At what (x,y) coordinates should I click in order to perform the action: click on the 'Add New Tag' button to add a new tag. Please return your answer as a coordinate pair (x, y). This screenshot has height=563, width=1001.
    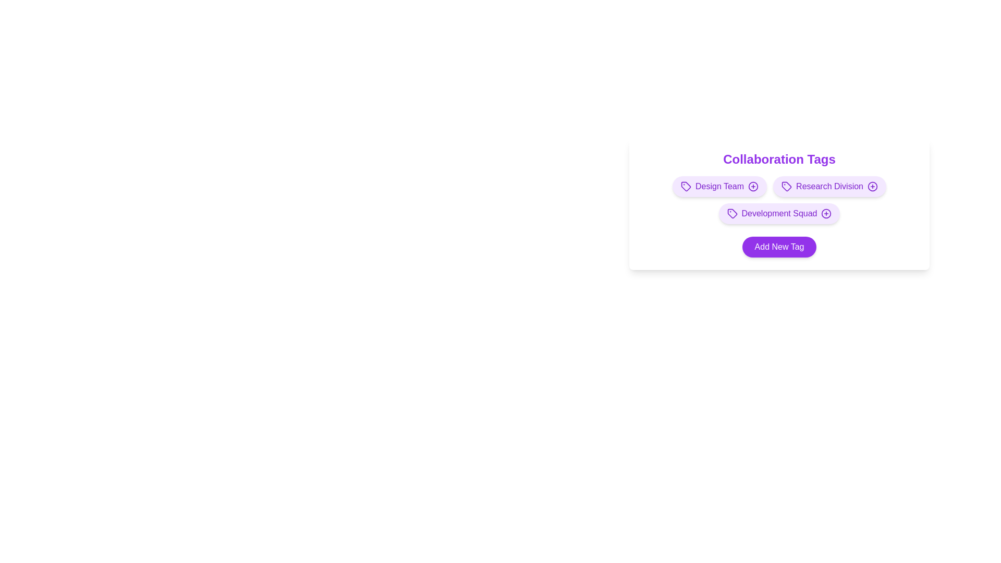
    Looking at the image, I should click on (779, 247).